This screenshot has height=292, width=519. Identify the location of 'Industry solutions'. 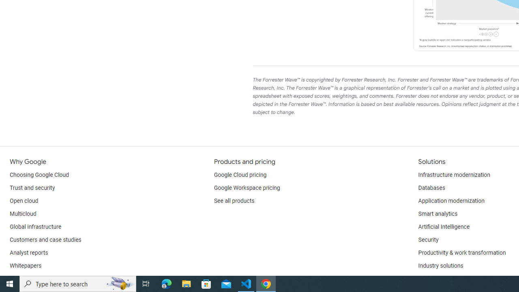
(440, 266).